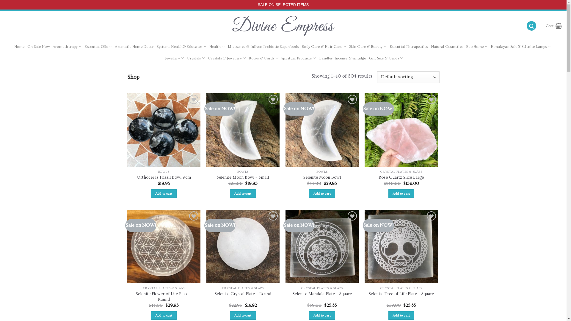 The width and height of the screenshot is (571, 321). I want to click on 'Books & Cards', so click(248, 58).